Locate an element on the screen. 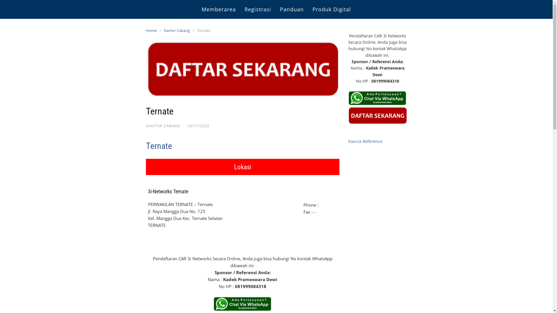 The width and height of the screenshot is (557, 313). 'Ternate 1' is located at coordinates (242, 303).